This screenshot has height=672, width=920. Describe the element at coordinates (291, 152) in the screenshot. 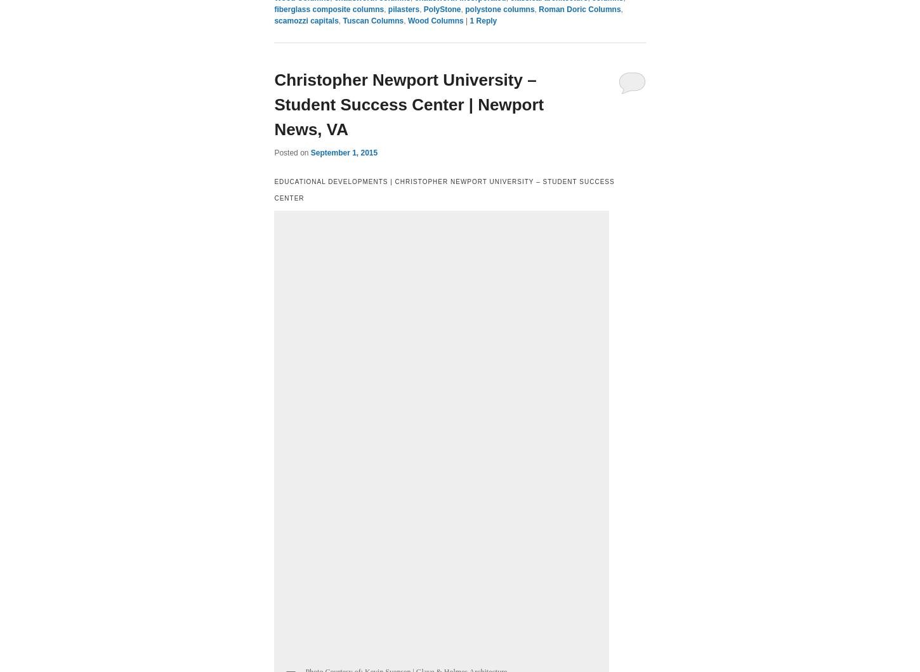

I see `'Posted on'` at that location.